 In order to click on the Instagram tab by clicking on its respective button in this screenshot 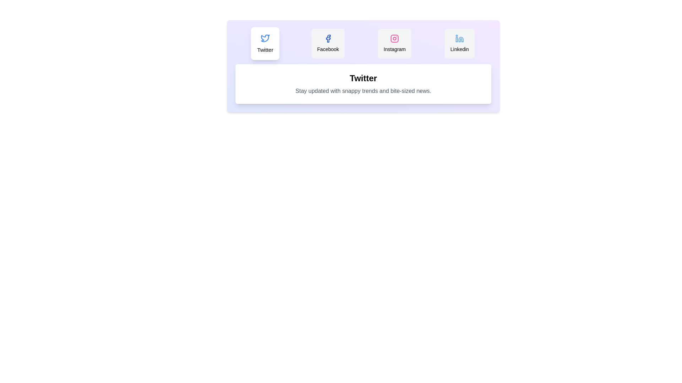, I will do `click(394, 44)`.